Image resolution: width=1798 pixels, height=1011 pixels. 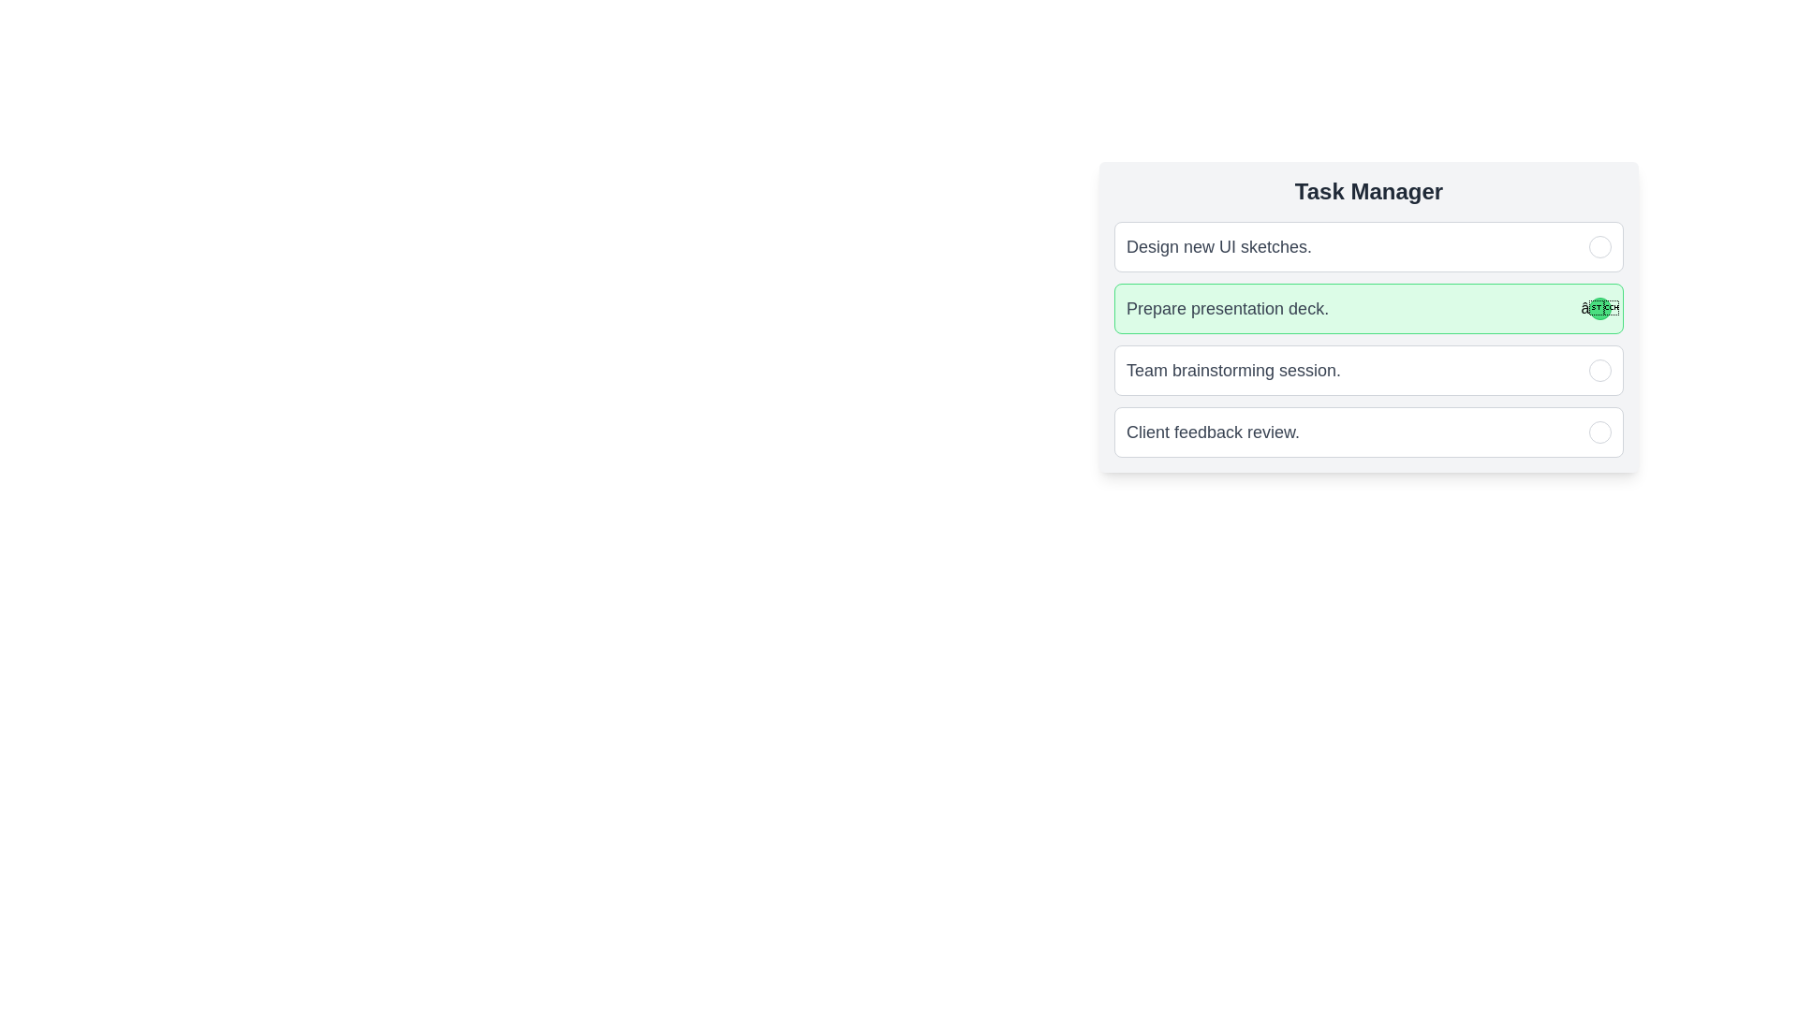 What do you see at coordinates (1369, 339) in the screenshot?
I see `the second task list item with the text 'Prepare presentation deck.' and a checkmark icon in a green circle` at bounding box center [1369, 339].